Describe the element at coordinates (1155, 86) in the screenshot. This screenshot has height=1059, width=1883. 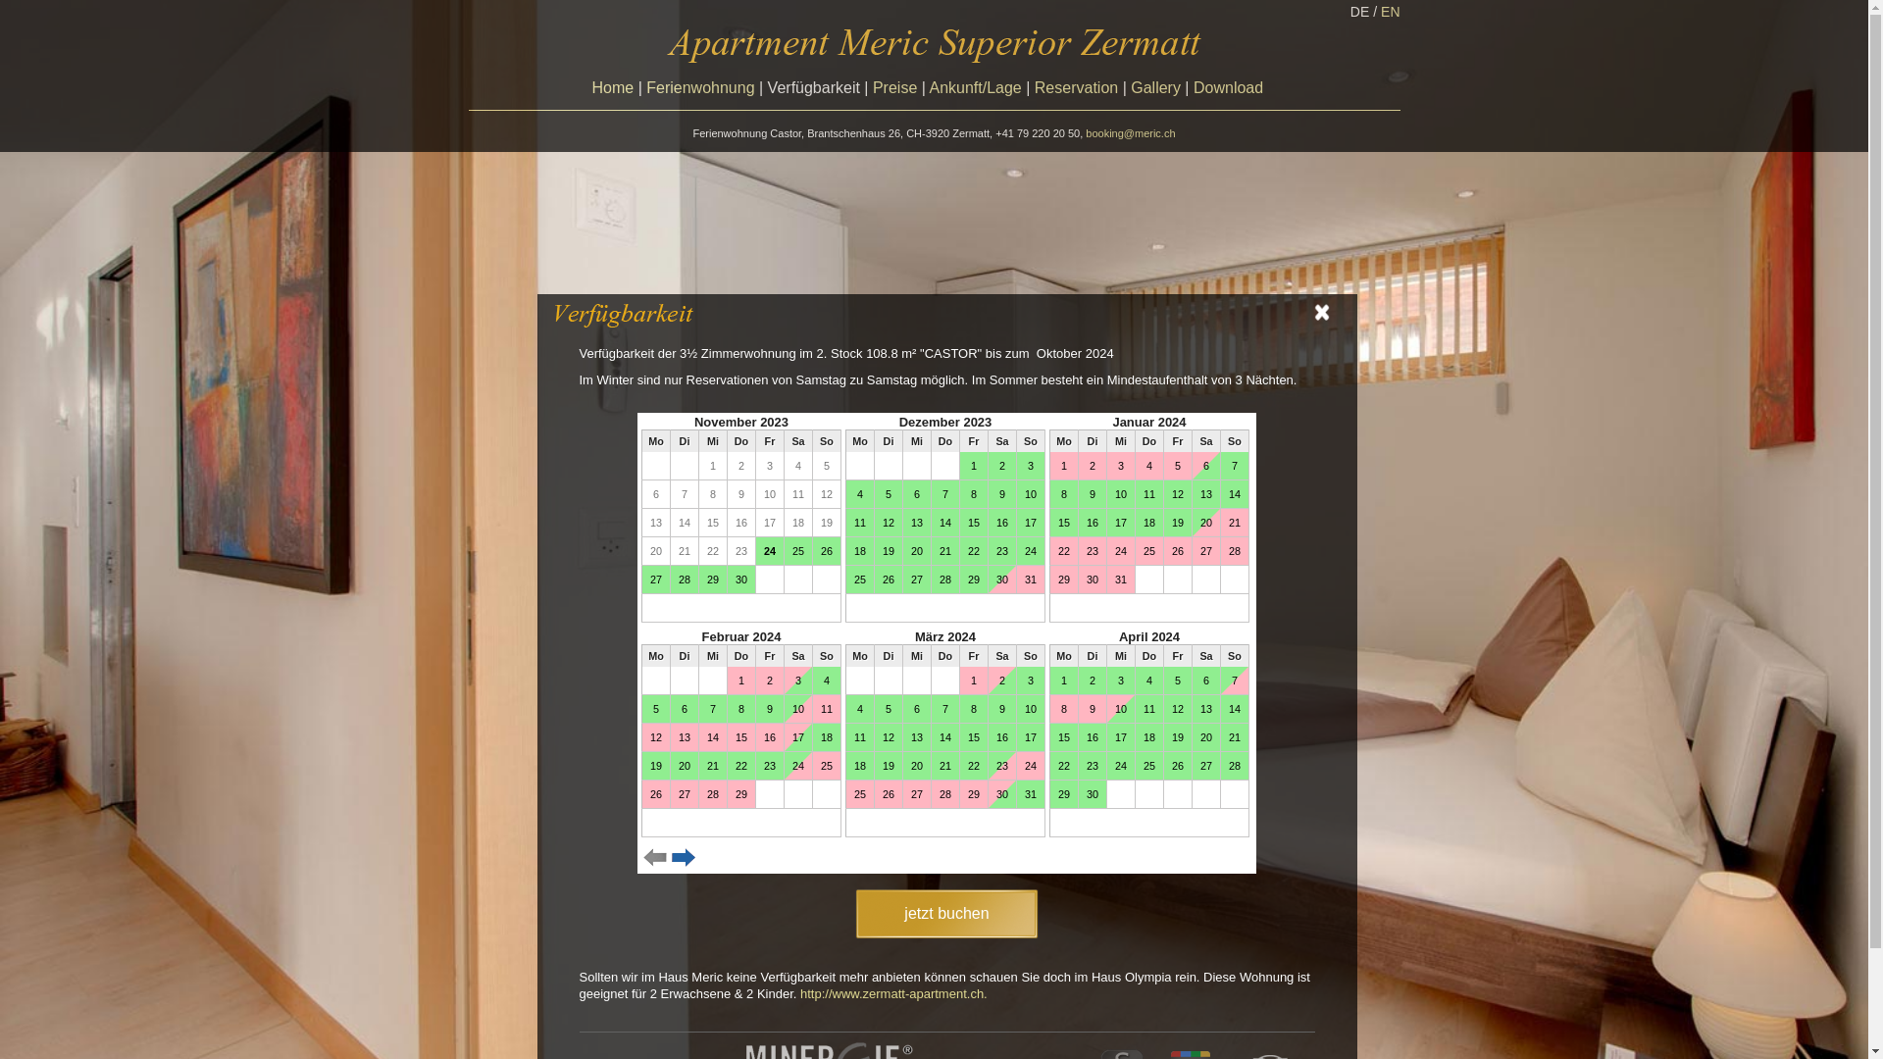
I see `'Gallery'` at that location.